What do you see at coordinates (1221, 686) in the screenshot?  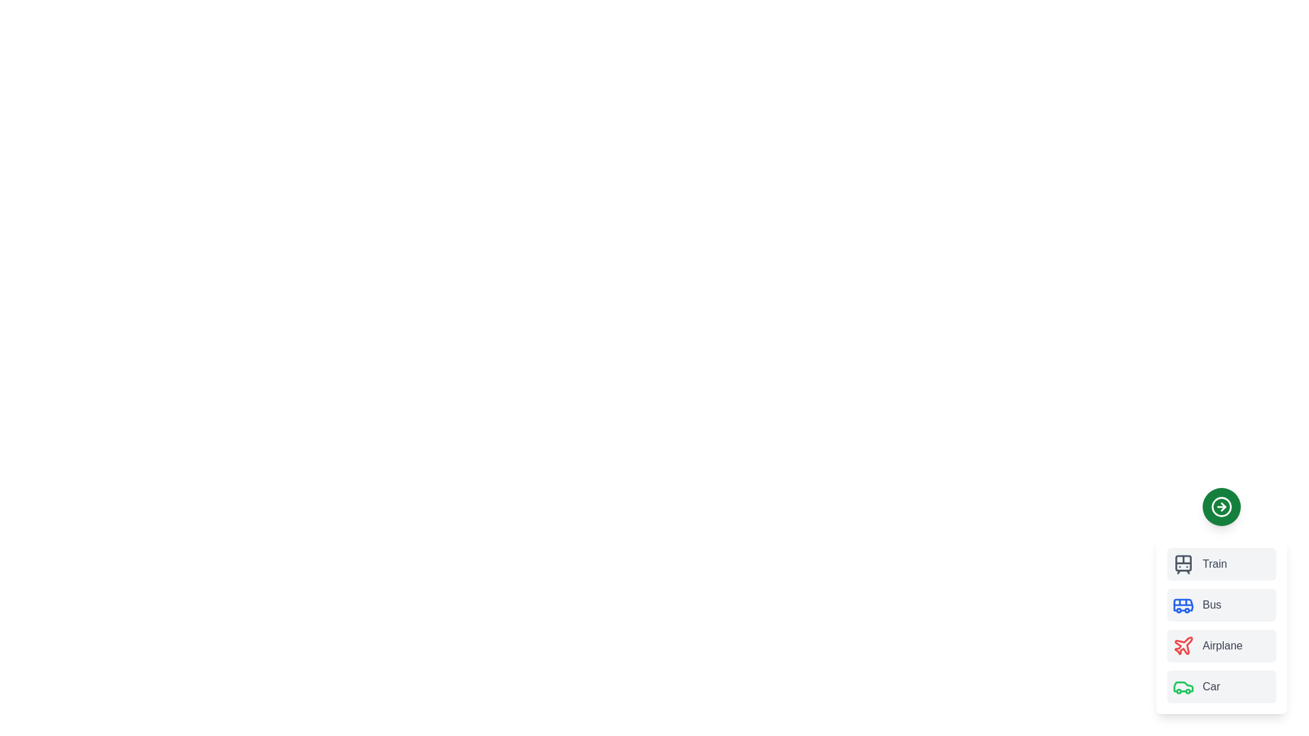 I see `the transport mode Car to trigger its hover effect` at bounding box center [1221, 686].